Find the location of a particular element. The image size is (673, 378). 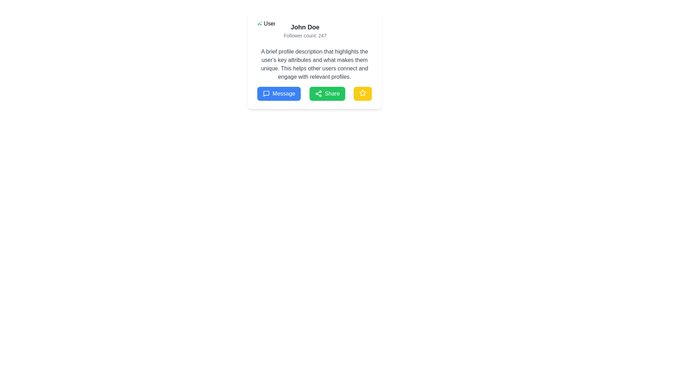

the Text display element that shows 'John Doe' and 'Follower count: 247', located at the top of the interface, aligned with the profile picture is located at coordinates (305, 30).